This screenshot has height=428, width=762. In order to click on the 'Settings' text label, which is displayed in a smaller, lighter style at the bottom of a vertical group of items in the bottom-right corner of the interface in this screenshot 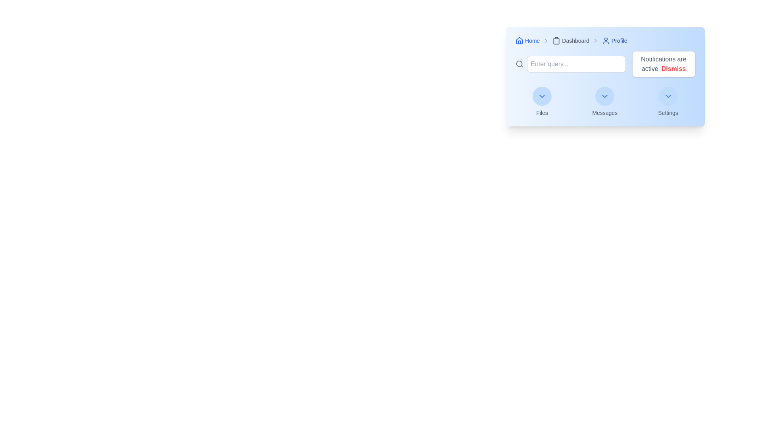, I will do `click(668, 113)`.